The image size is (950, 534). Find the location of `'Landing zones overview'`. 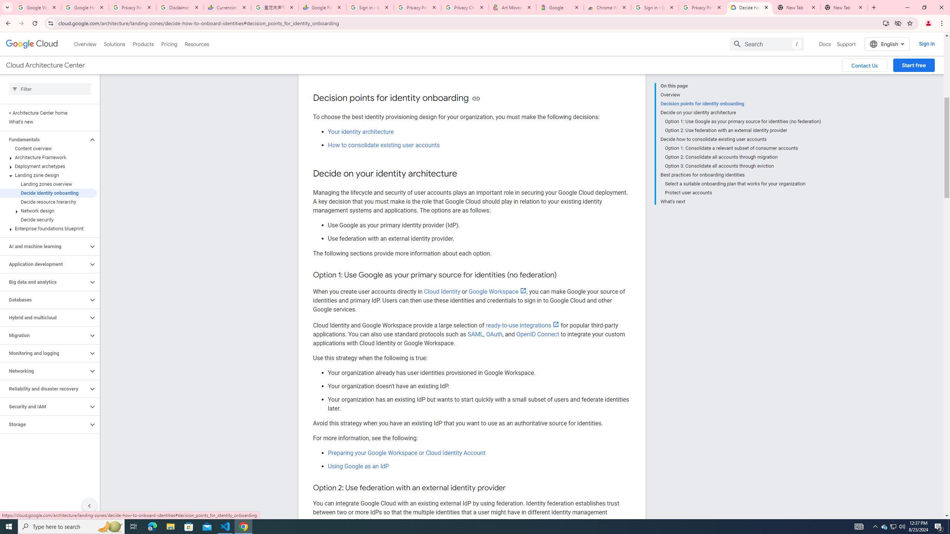

'Landing zones overview' is located at coordinates (48, 184).